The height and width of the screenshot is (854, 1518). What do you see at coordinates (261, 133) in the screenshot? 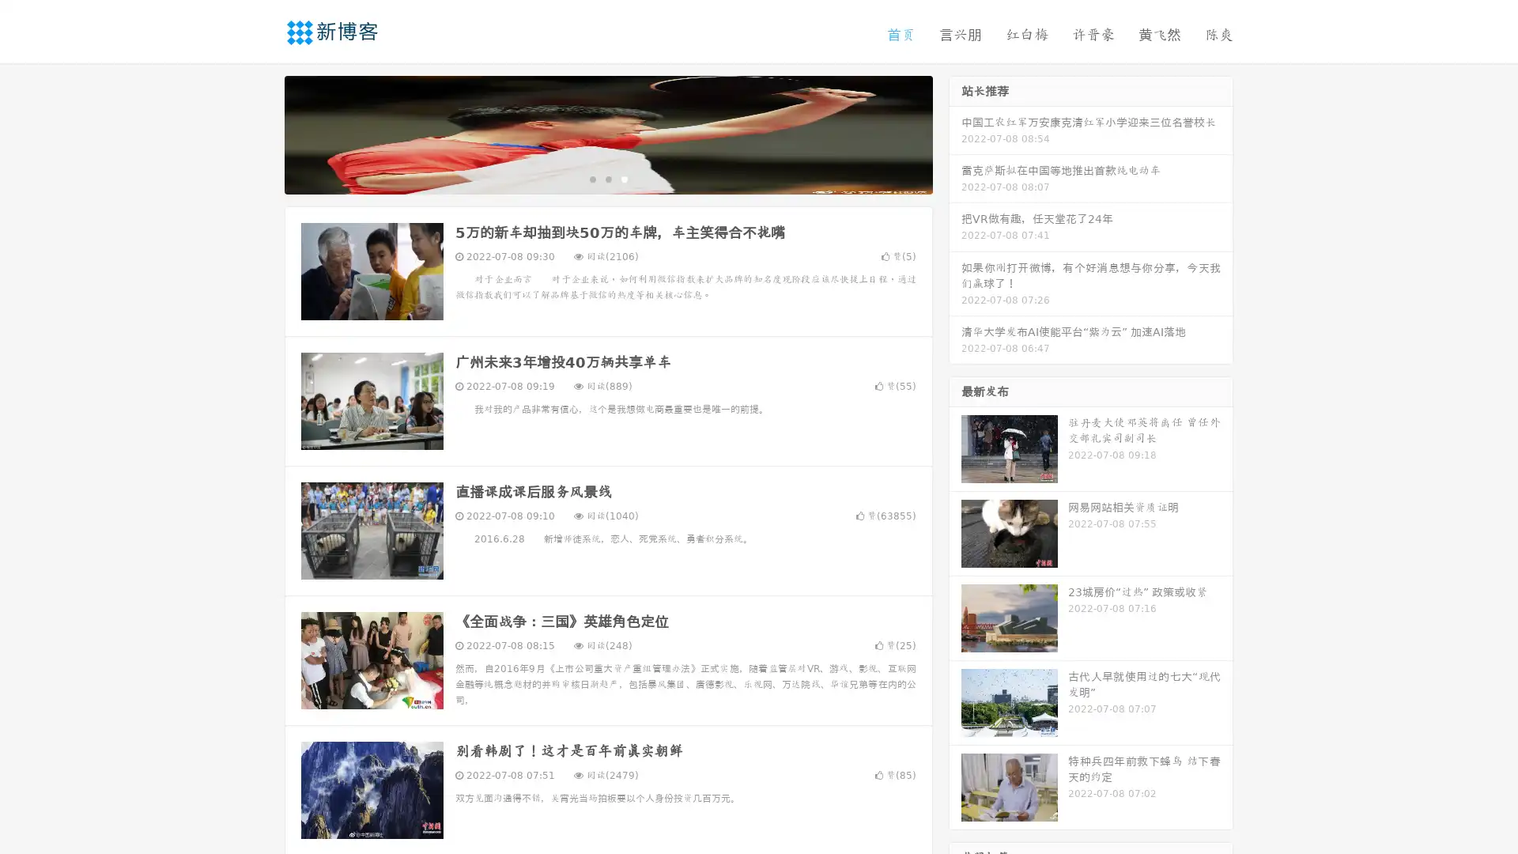
I see `Previous slide` at bounding box center [261, 133].